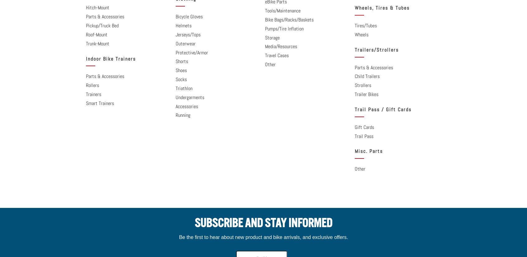  I want to click on 'Trail Pass', so click(363, 135).